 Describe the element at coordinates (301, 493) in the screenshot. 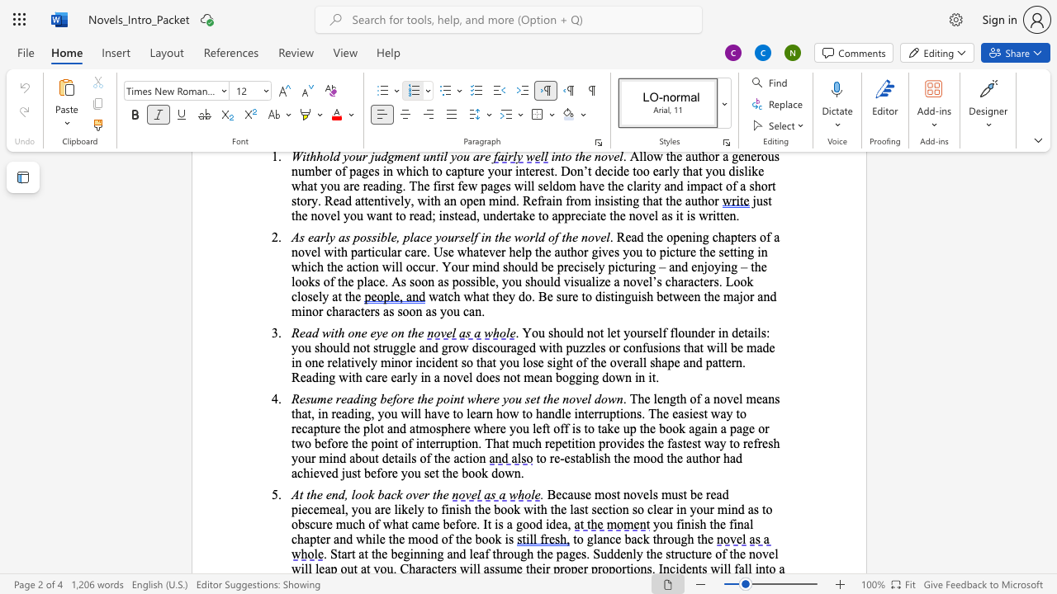

I see `the 1th character "t" in the text` at that location.